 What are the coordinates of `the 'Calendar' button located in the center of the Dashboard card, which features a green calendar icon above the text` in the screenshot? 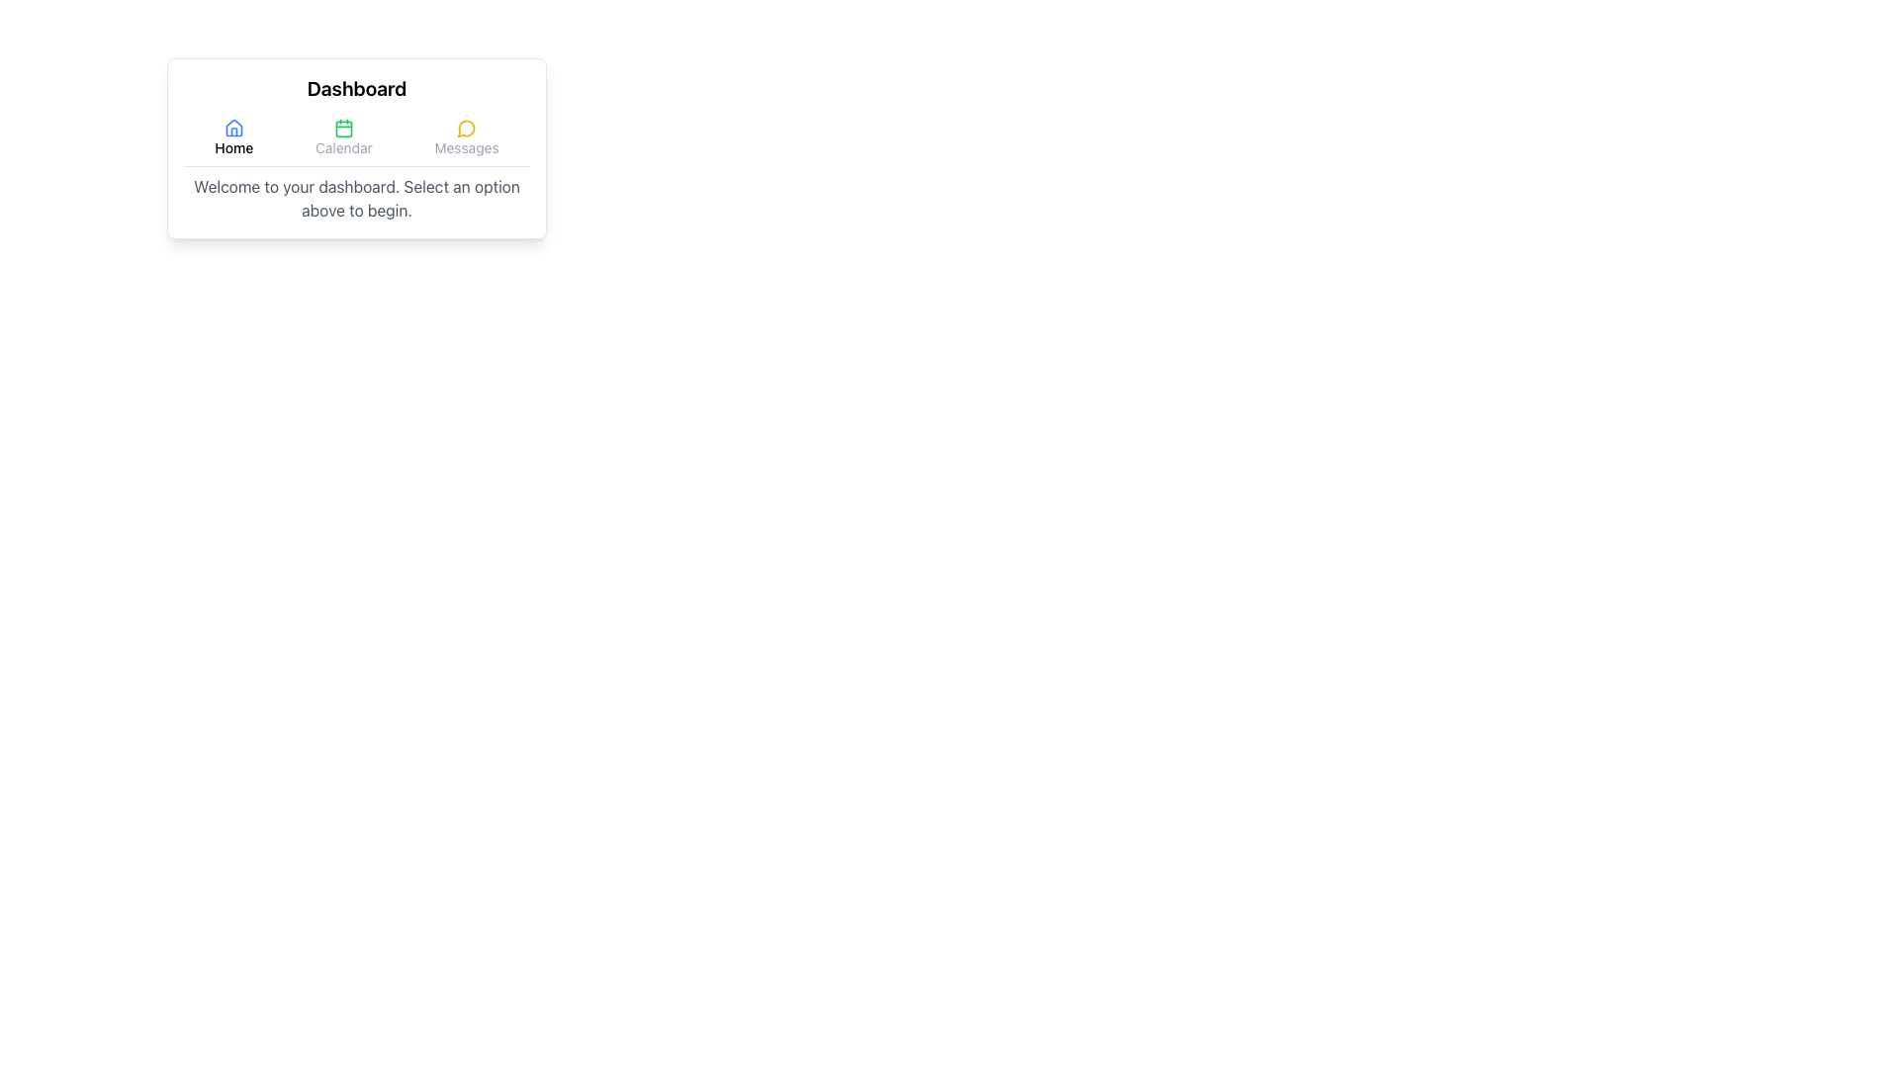 It's located at (343, 136).